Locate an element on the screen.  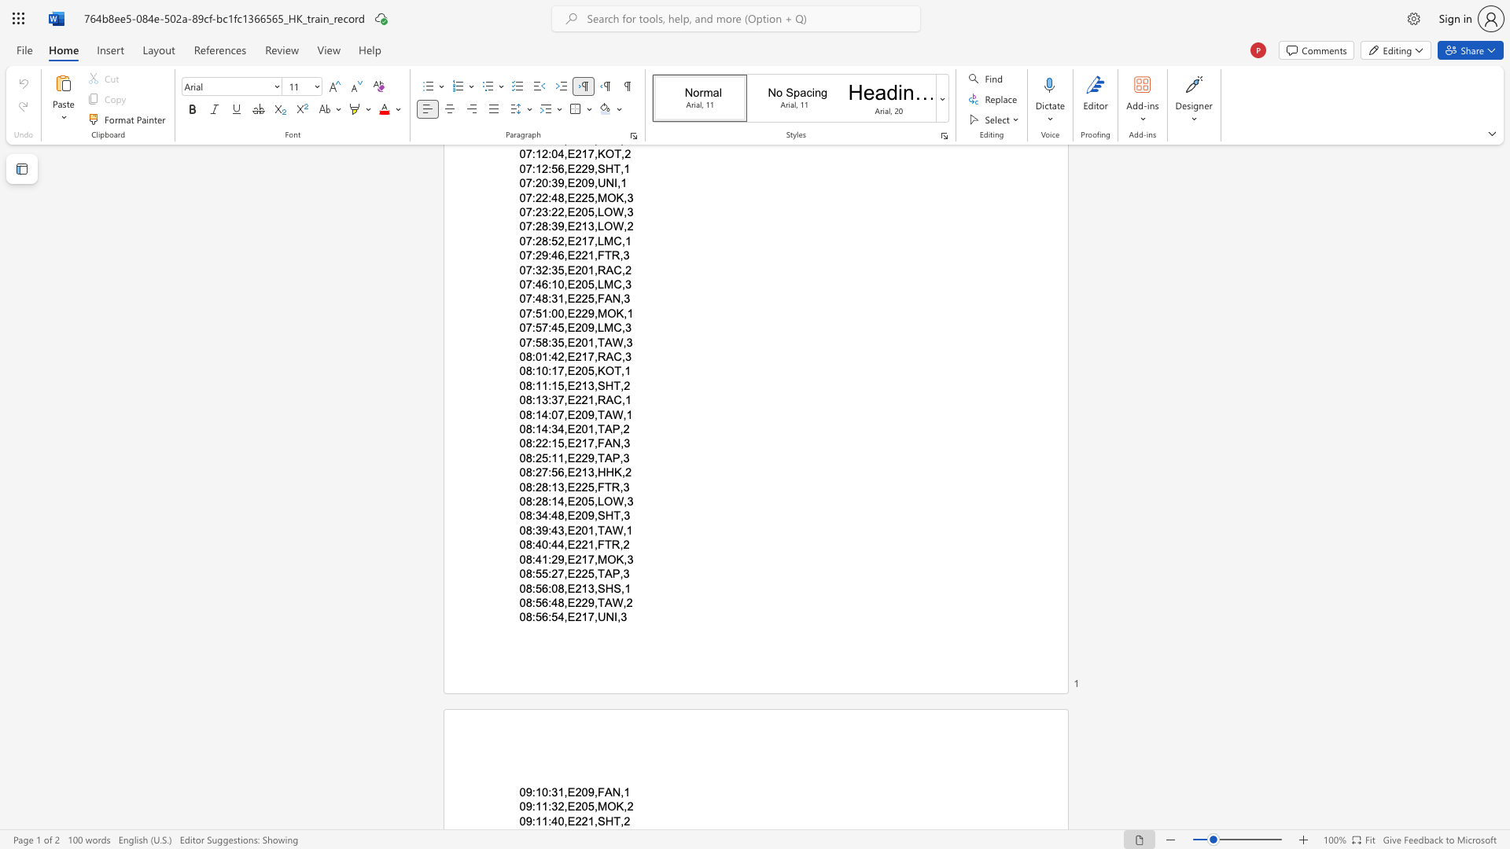
the subset text "28:14,E205," within the text "08:28:14,E205,LOW,3" is located at coordinates (535, 502).